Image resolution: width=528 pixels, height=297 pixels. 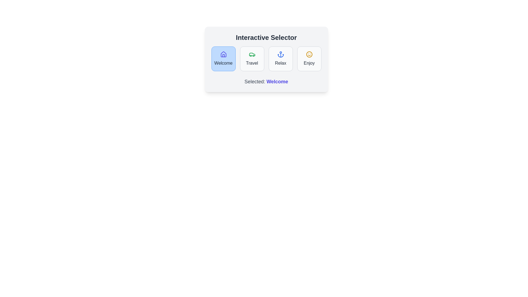 What do you see at coordinates (280, 59) in the screenshot?
I see `the 'Relax' button, which is the third button in a horizontal grid layout, featuring a blue anchor icon and bold dark gray text below it` at bounding box center [280, 59].